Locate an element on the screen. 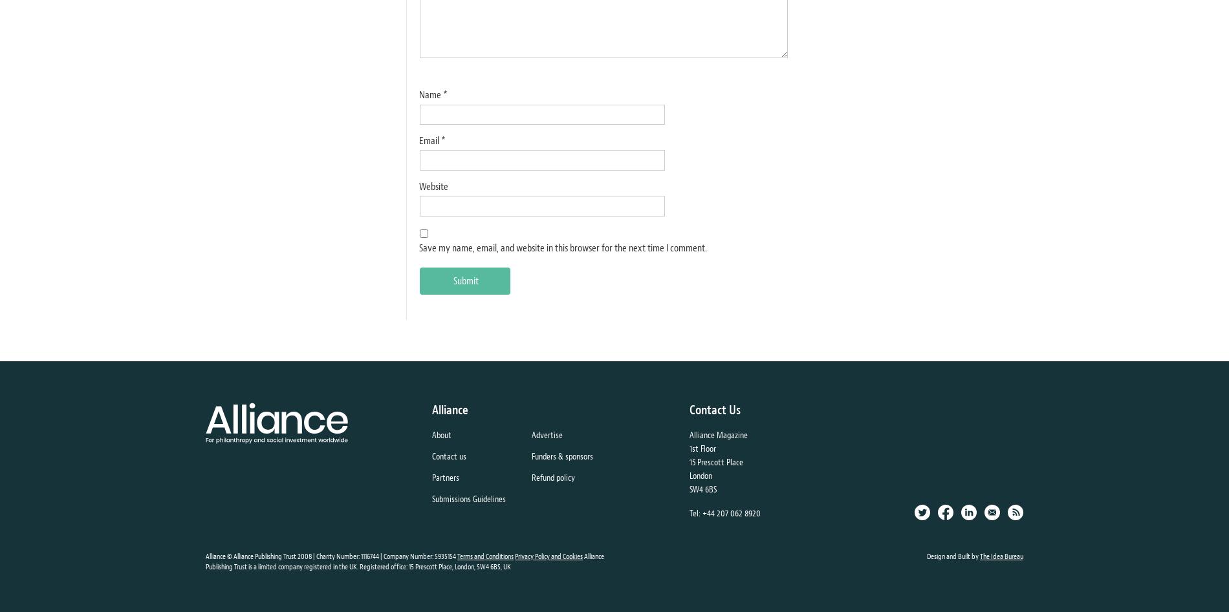 The height and width of the screenshot is (612, 1229). 'Refund policy' is located at coordinates (552, 476).